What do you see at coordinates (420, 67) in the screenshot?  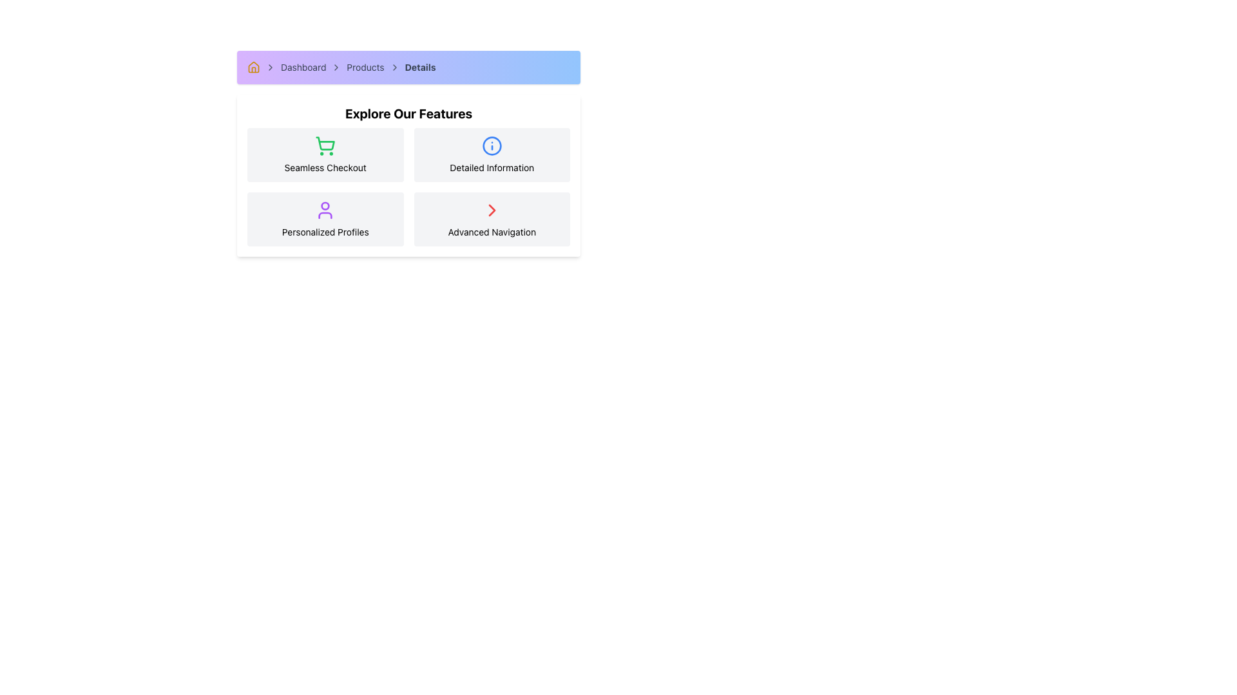 I see `the bold text label displaying 'Details' in a breadcrumb navigation bar, positioned to the right of the 'Products' link` at bounding box center [420, 67].